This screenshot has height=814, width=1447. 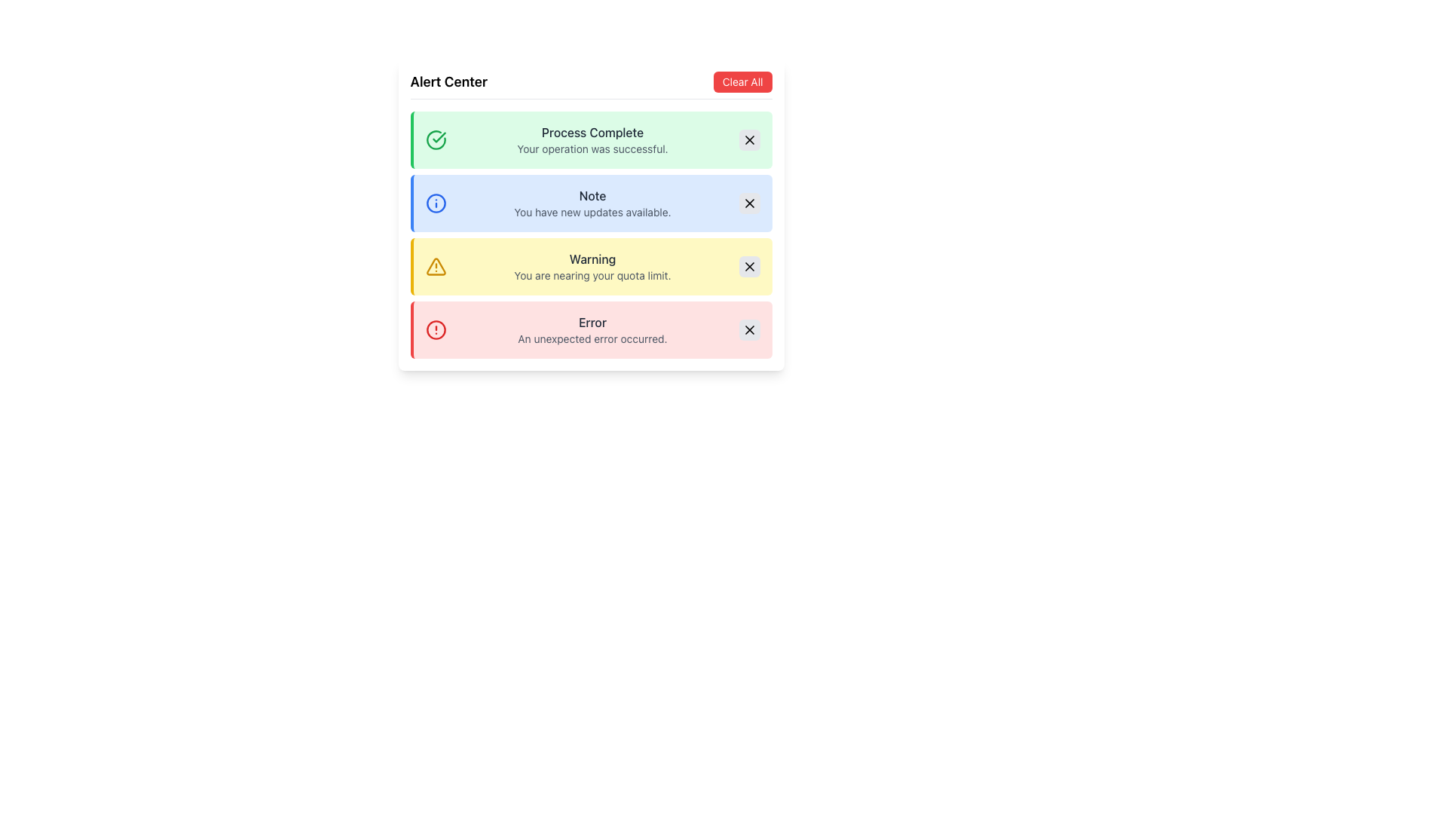 What do you see at coordinates (749, 266) in the screenshot?
I see `the close button located at the top-right corner of the yellow alert box displaying 'Warning: You are nearing your quota limit.'` at bounding box center [749, 266].